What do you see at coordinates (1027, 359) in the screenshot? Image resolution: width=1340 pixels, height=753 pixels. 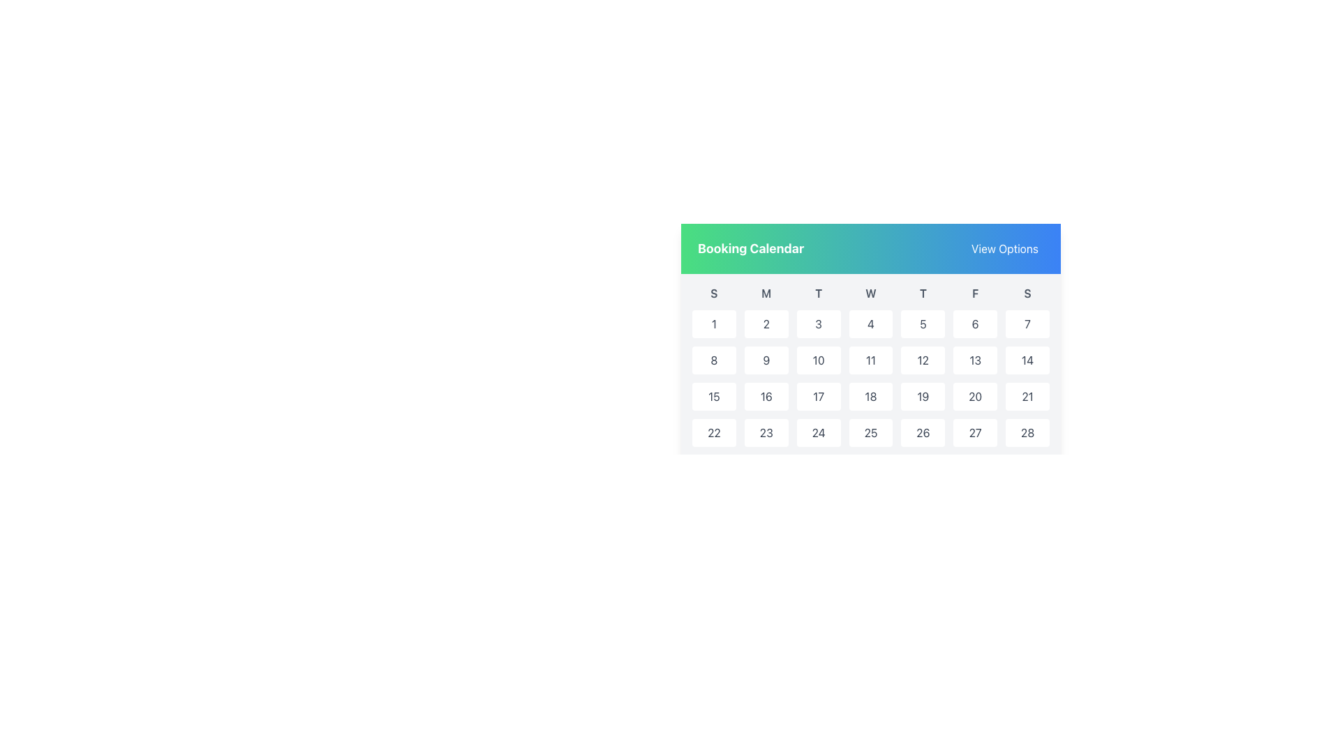 I see `the text label displaying the number '14' in the calendar, which allows users to select a date` at bounding box center [1027, 359].